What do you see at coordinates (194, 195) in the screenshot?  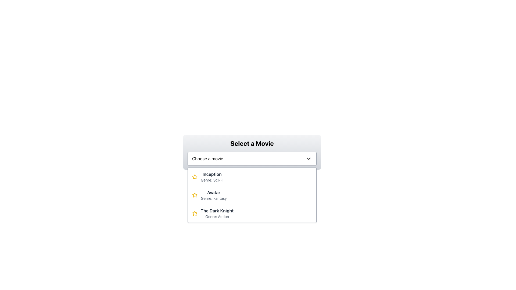 I see `the star-shaped SVG icon with a golden border and white fill, located to the left of the text 'Inception Genre: Sci-Fi' in the movie selection dropdown` at bounding box center [194, 195].